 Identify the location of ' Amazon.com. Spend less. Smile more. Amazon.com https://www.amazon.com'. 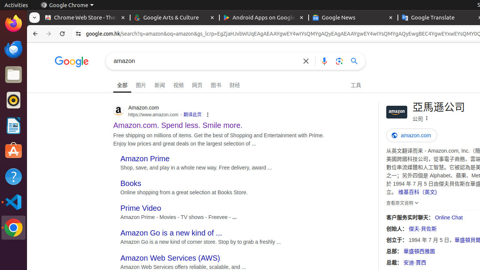
(177, 123).